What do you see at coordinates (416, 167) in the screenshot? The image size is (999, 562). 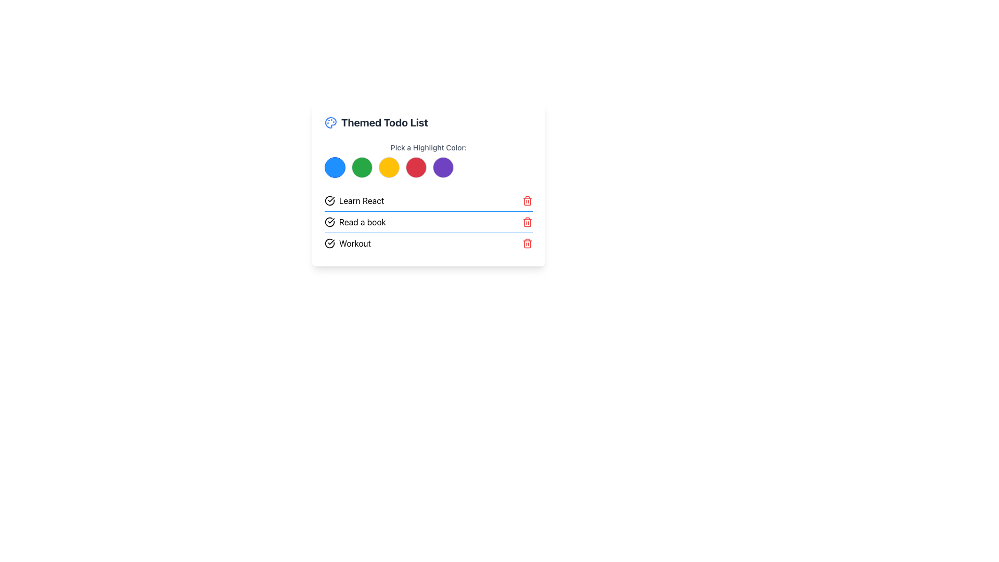 I see `the fourth circular button with a red background in the 'Themed Todo List' section` at bounding box center [416, 167].